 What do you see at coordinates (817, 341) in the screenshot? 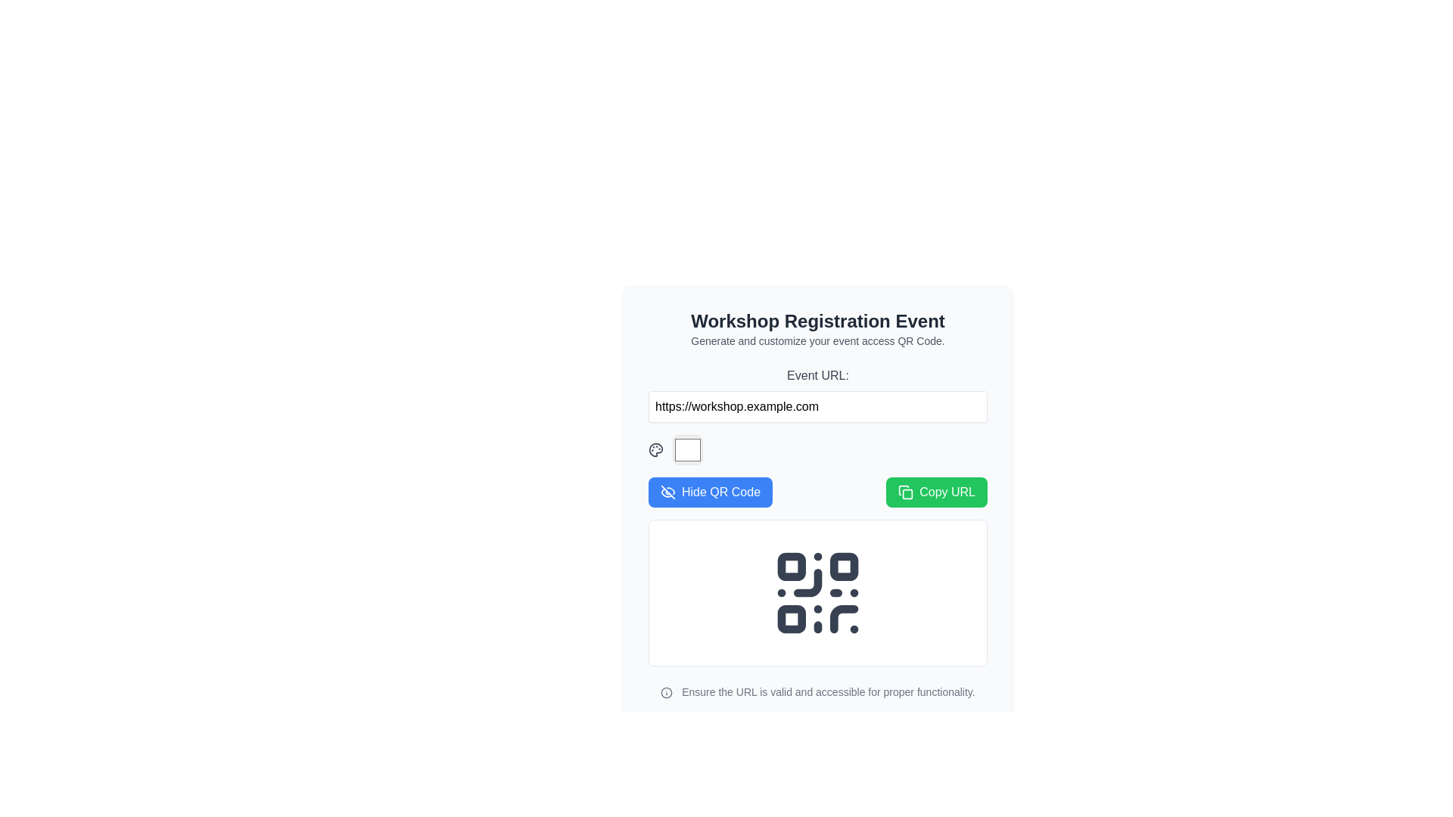
I see `the static text label displaying the message 'Generate and customize your event access QR Code.' located below the title 'Workshop Registration Event'` at bounding box center [817, 341].